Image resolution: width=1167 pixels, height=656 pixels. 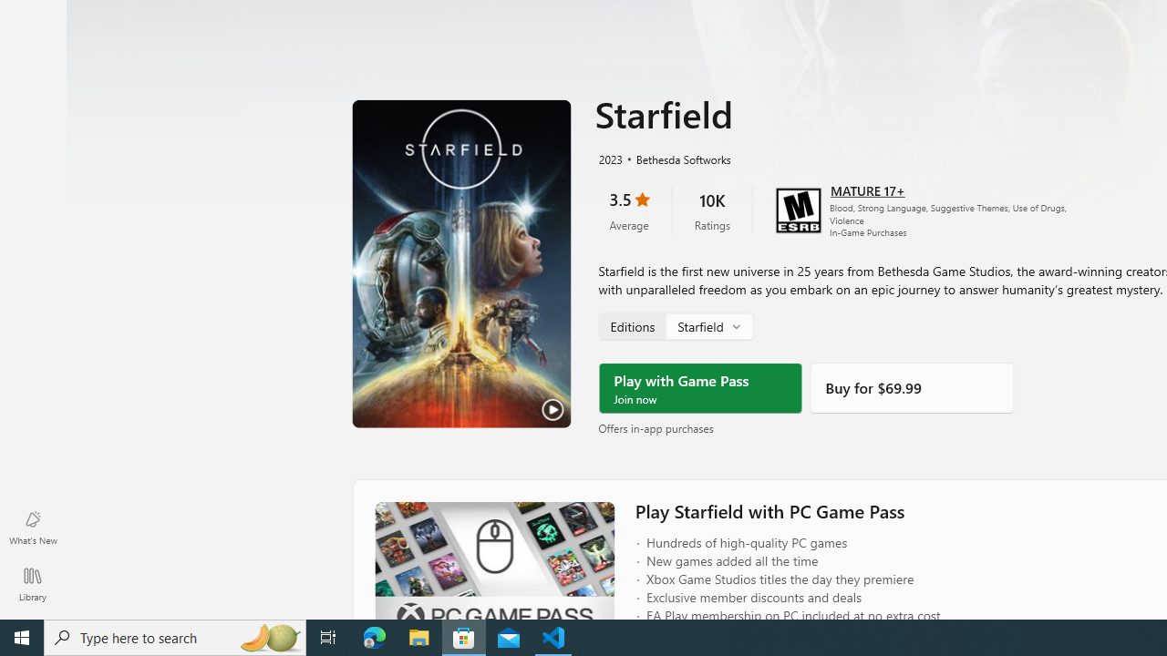 I want to click on 'Starfield, Edition selector', so click(x=674, y=324).